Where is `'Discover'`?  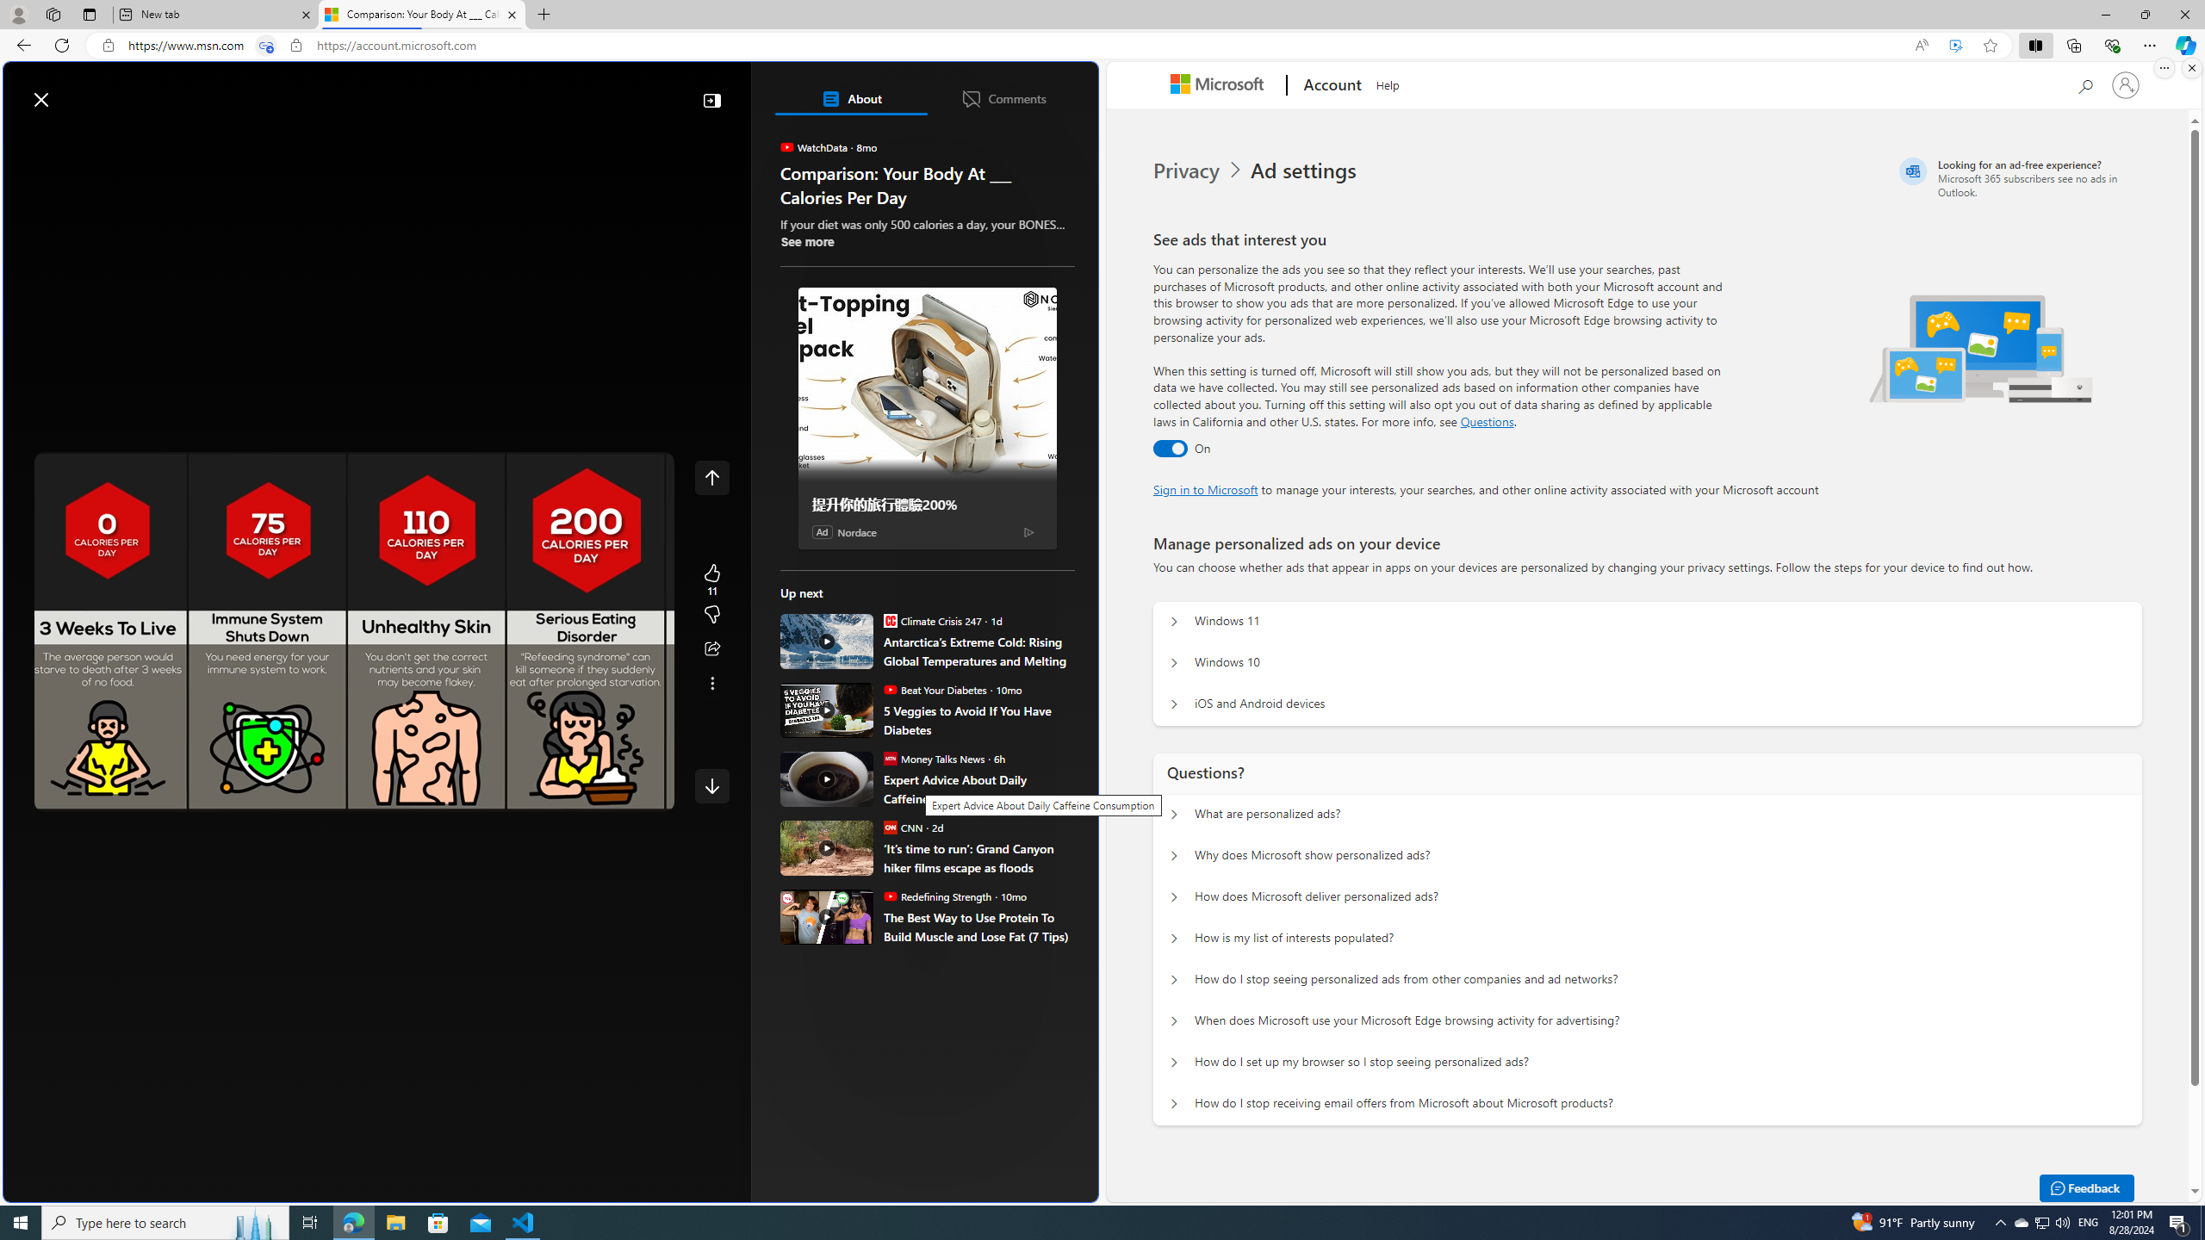 'Discover' is located at coordinates (78, 139).